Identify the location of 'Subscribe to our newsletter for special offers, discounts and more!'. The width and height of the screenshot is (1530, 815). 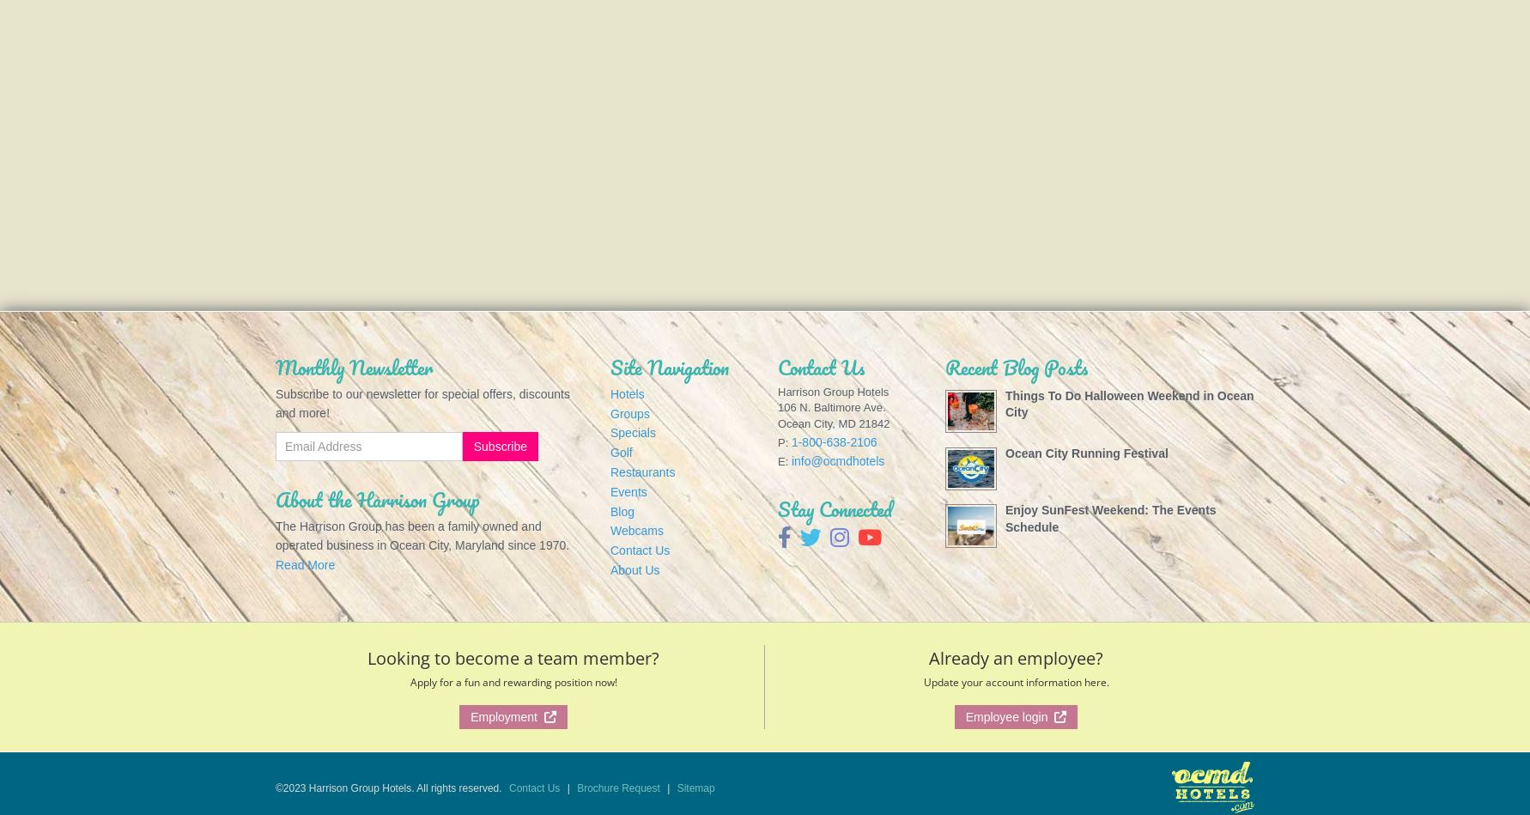
(274, 403).